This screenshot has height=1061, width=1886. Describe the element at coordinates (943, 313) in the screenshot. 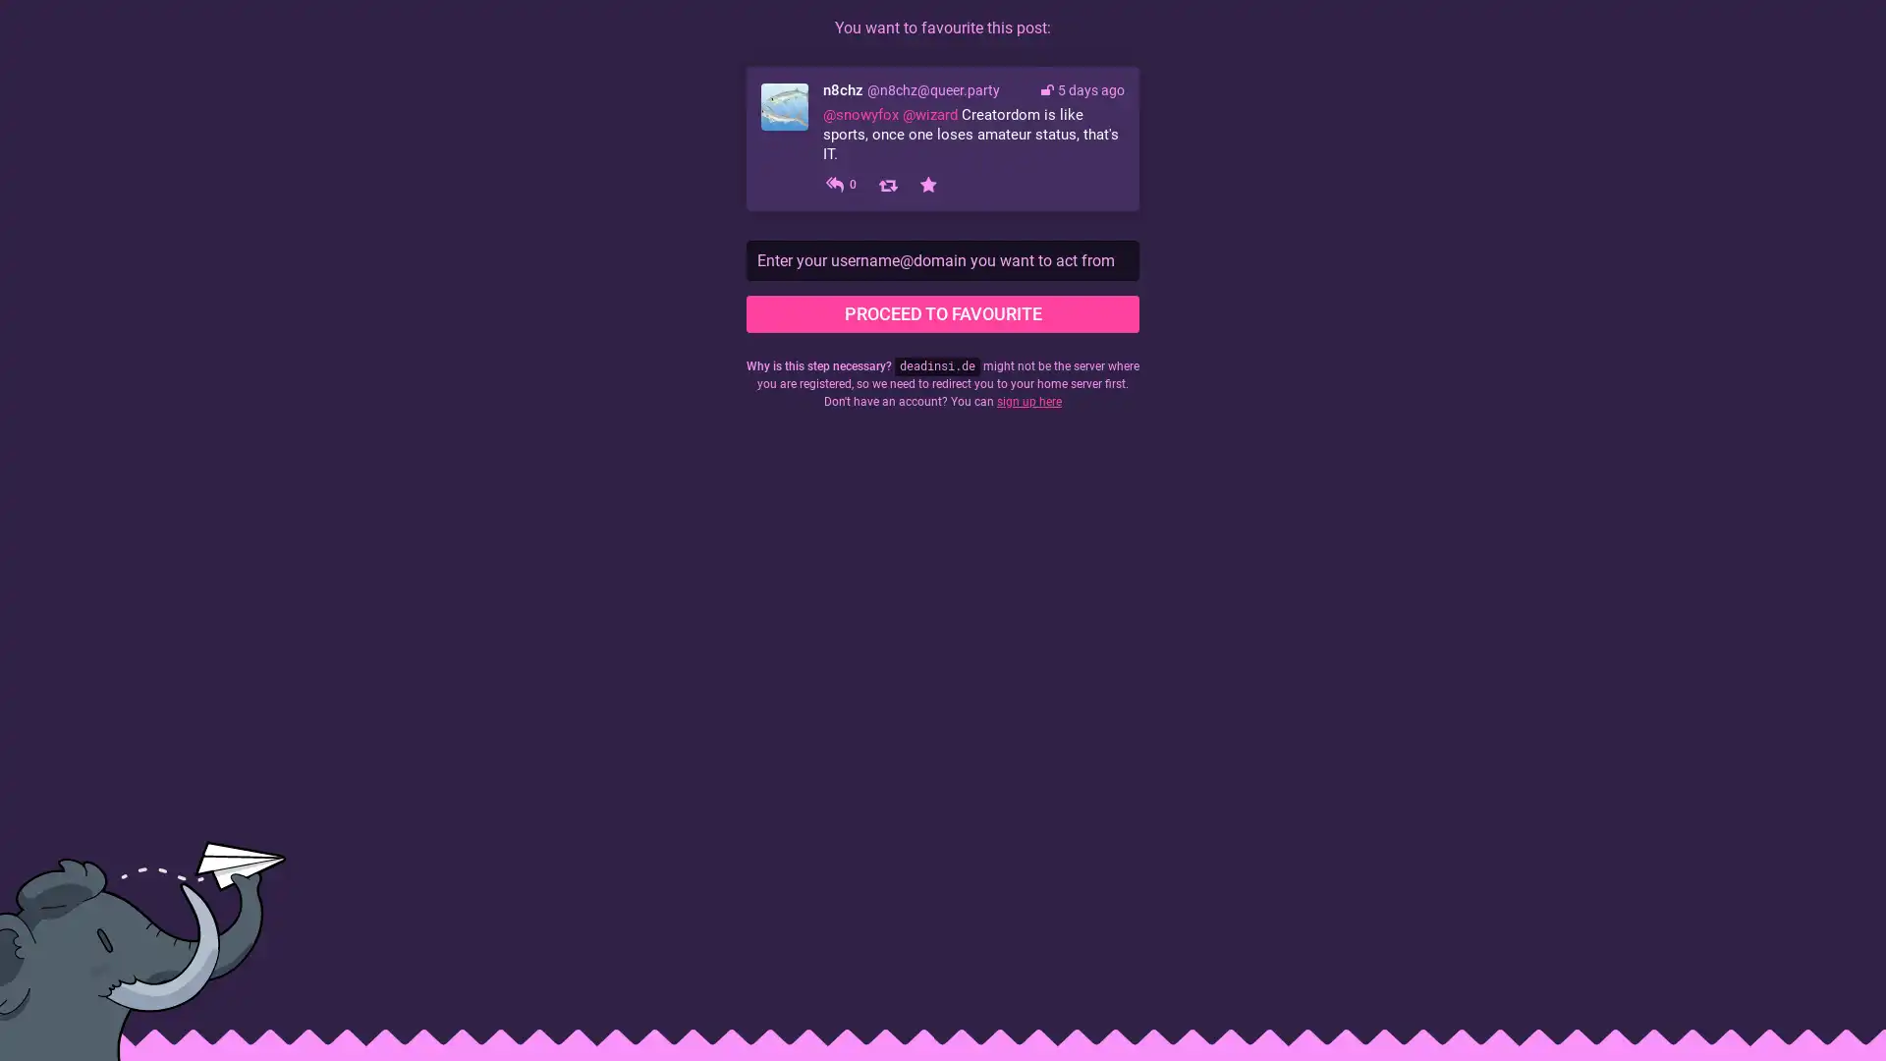

I see `PROCEED TO FAVOURITE` at that location.